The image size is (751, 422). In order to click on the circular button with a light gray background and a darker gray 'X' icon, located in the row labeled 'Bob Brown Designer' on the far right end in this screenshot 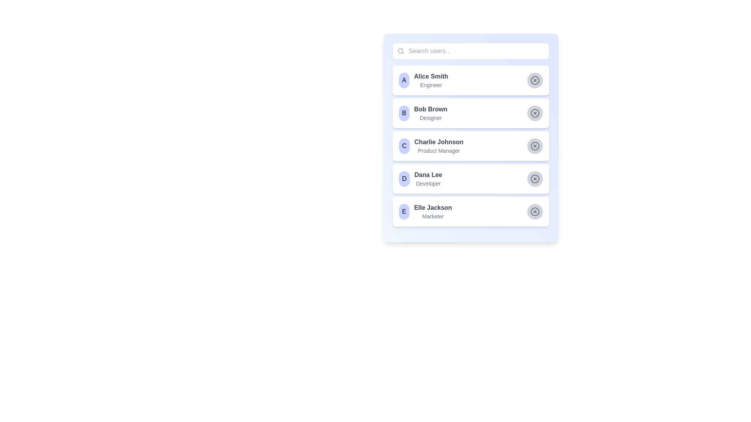, I will do `click(535, 113)`.